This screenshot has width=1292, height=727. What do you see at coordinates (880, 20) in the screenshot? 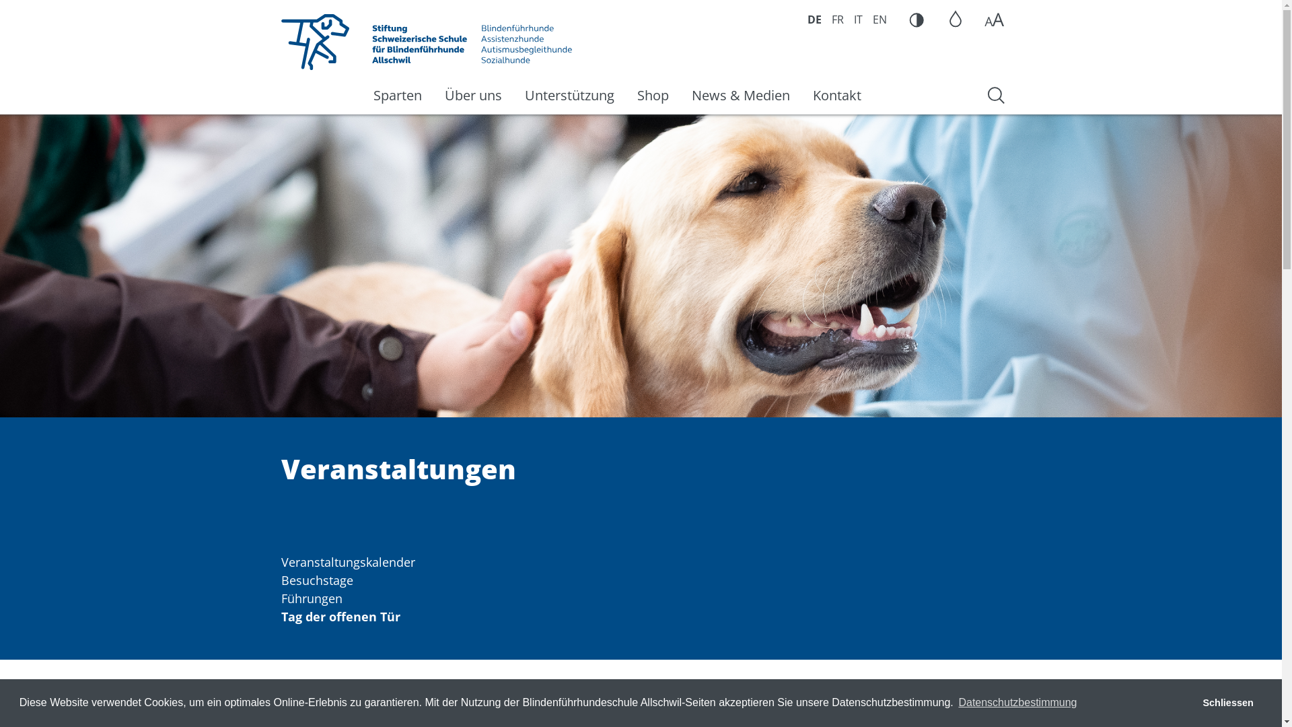
I see `'EN'` at bounding box center [880, 20].